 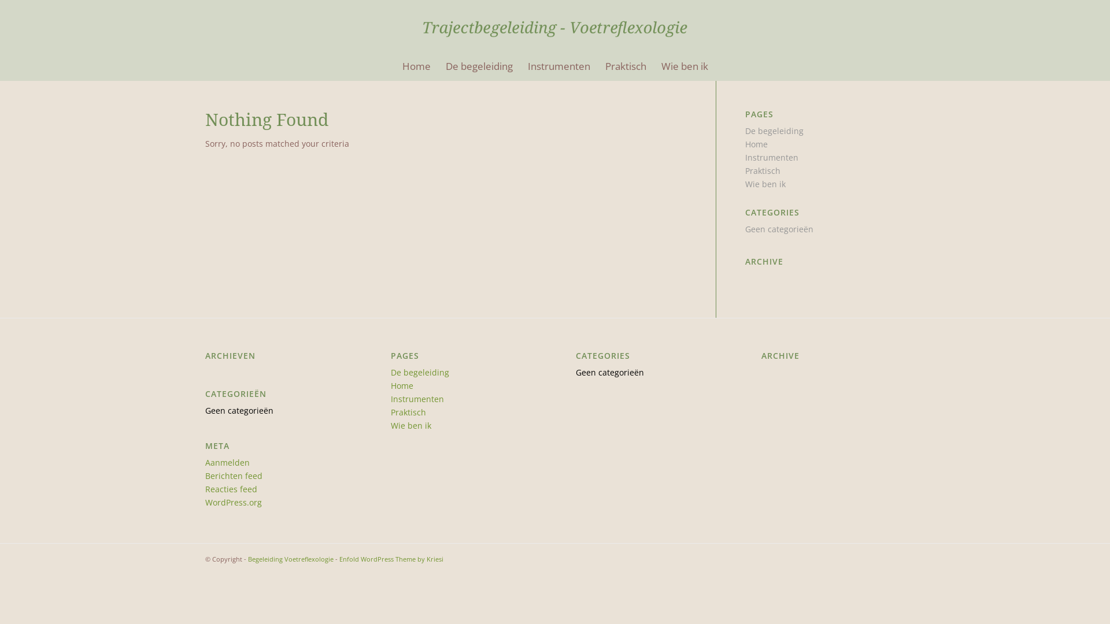 What do you see at coordinates (555, 25) in the screenshot?
I see `'HeaderLogo2'` at bounding box center [555, 25].